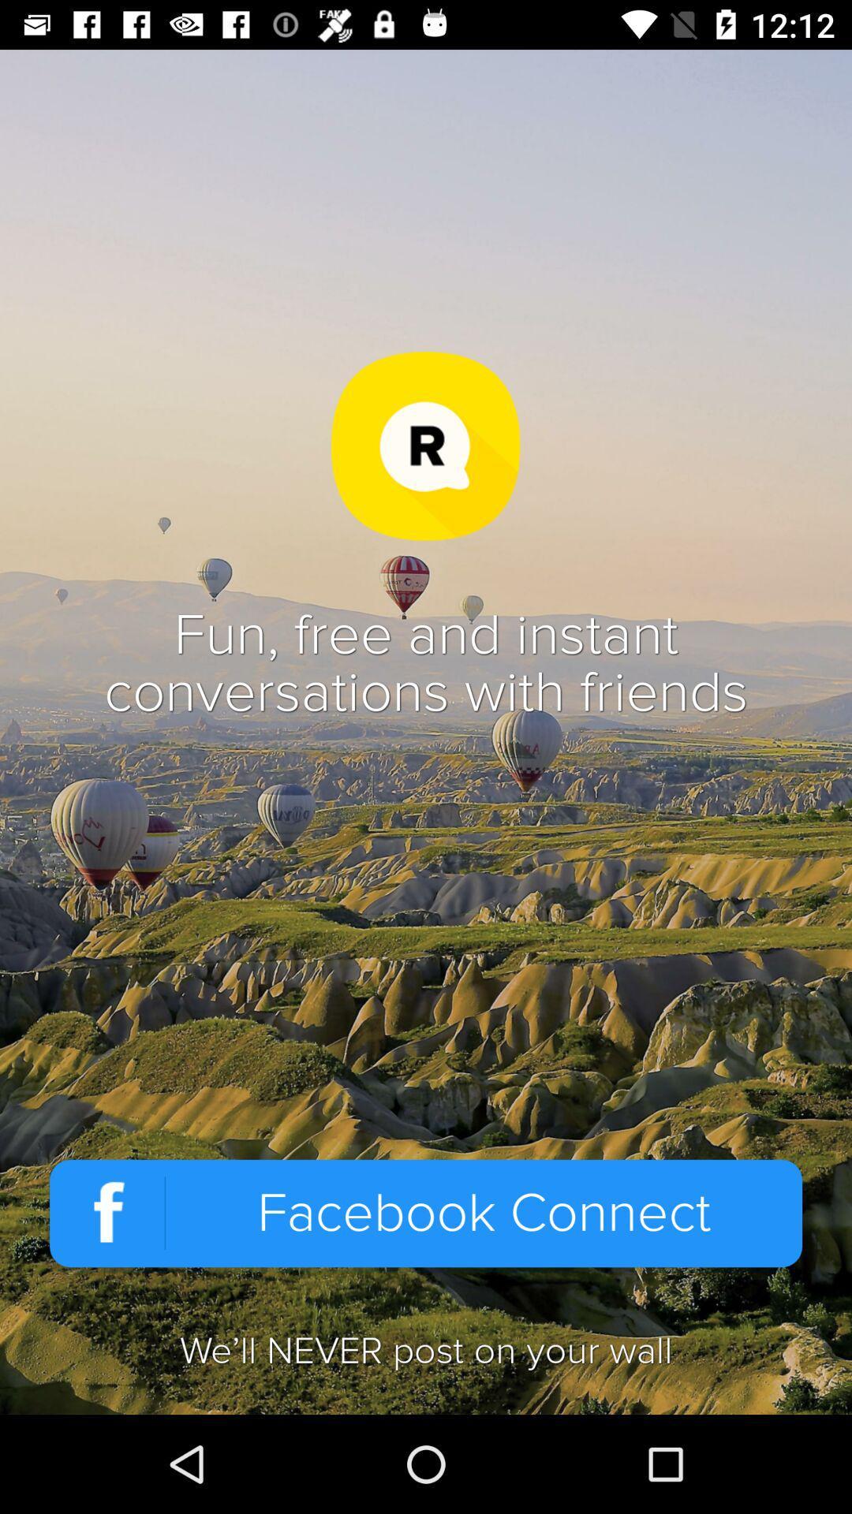 The height and width of the screenshot is (1514, 852). Describe the element at coordinates (426, 1213) in the screenshot. I see `the item below fun free and app` at that location.